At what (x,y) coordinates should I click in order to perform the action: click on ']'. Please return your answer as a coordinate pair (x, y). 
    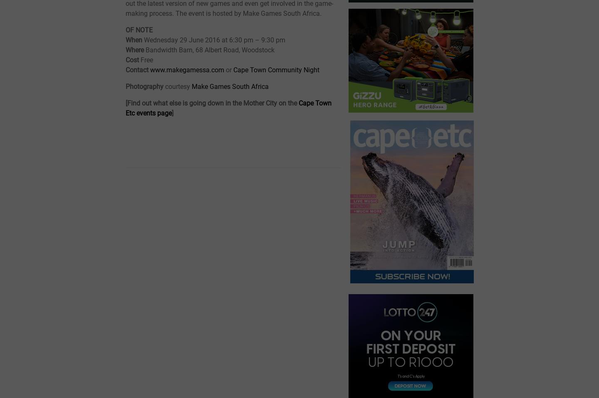
    Looking at the image, I should click on (172, 113).